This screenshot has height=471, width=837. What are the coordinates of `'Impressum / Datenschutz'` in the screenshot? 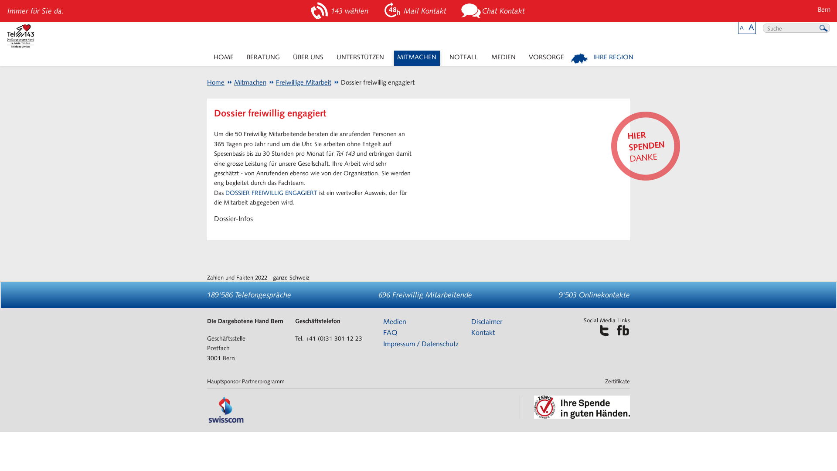 It's located at (383, 343).